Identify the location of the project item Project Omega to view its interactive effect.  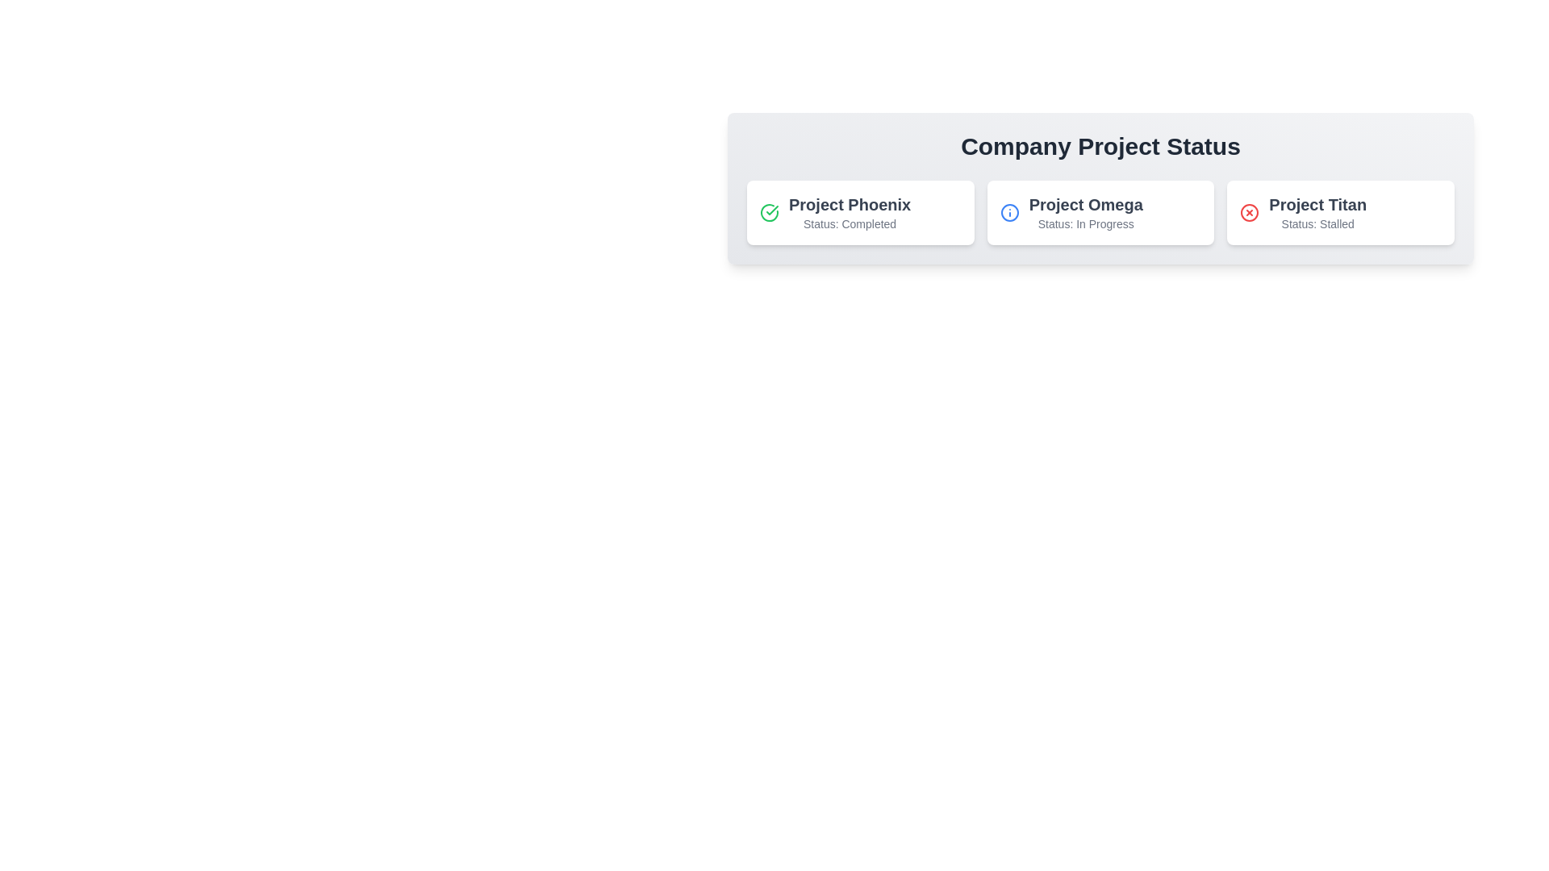
(1100, 211).